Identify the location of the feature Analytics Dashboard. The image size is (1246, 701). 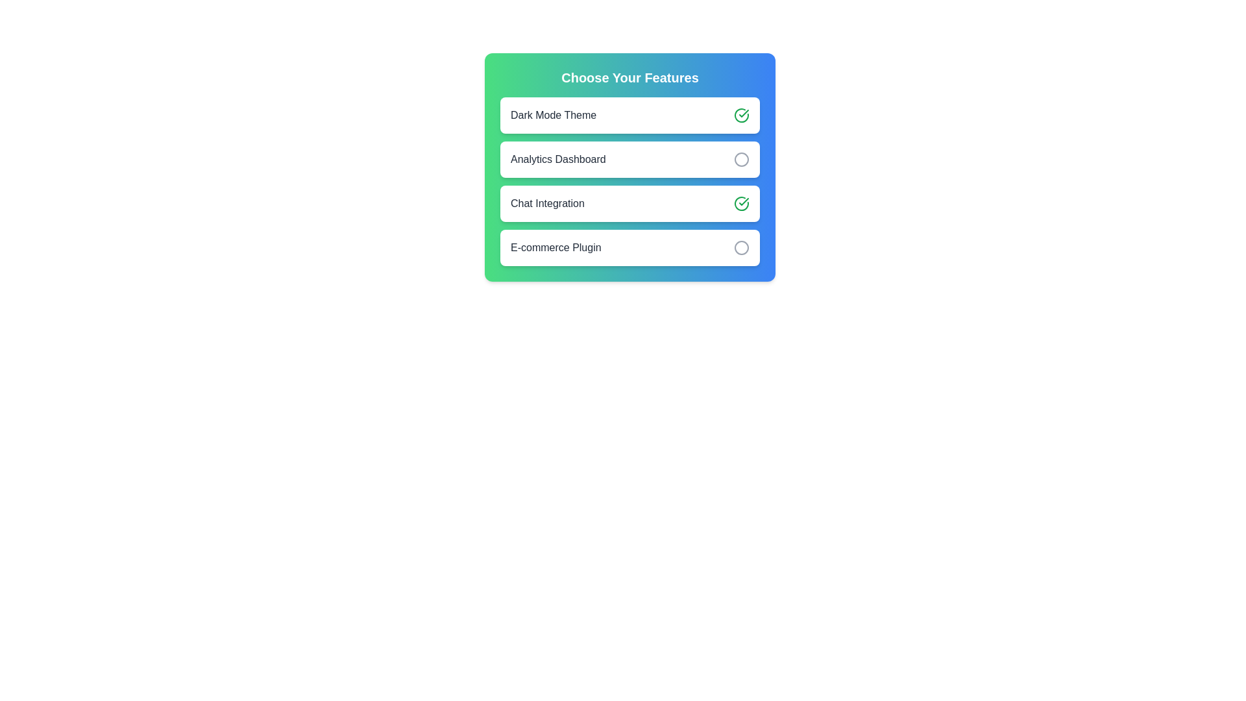
(741, 159).